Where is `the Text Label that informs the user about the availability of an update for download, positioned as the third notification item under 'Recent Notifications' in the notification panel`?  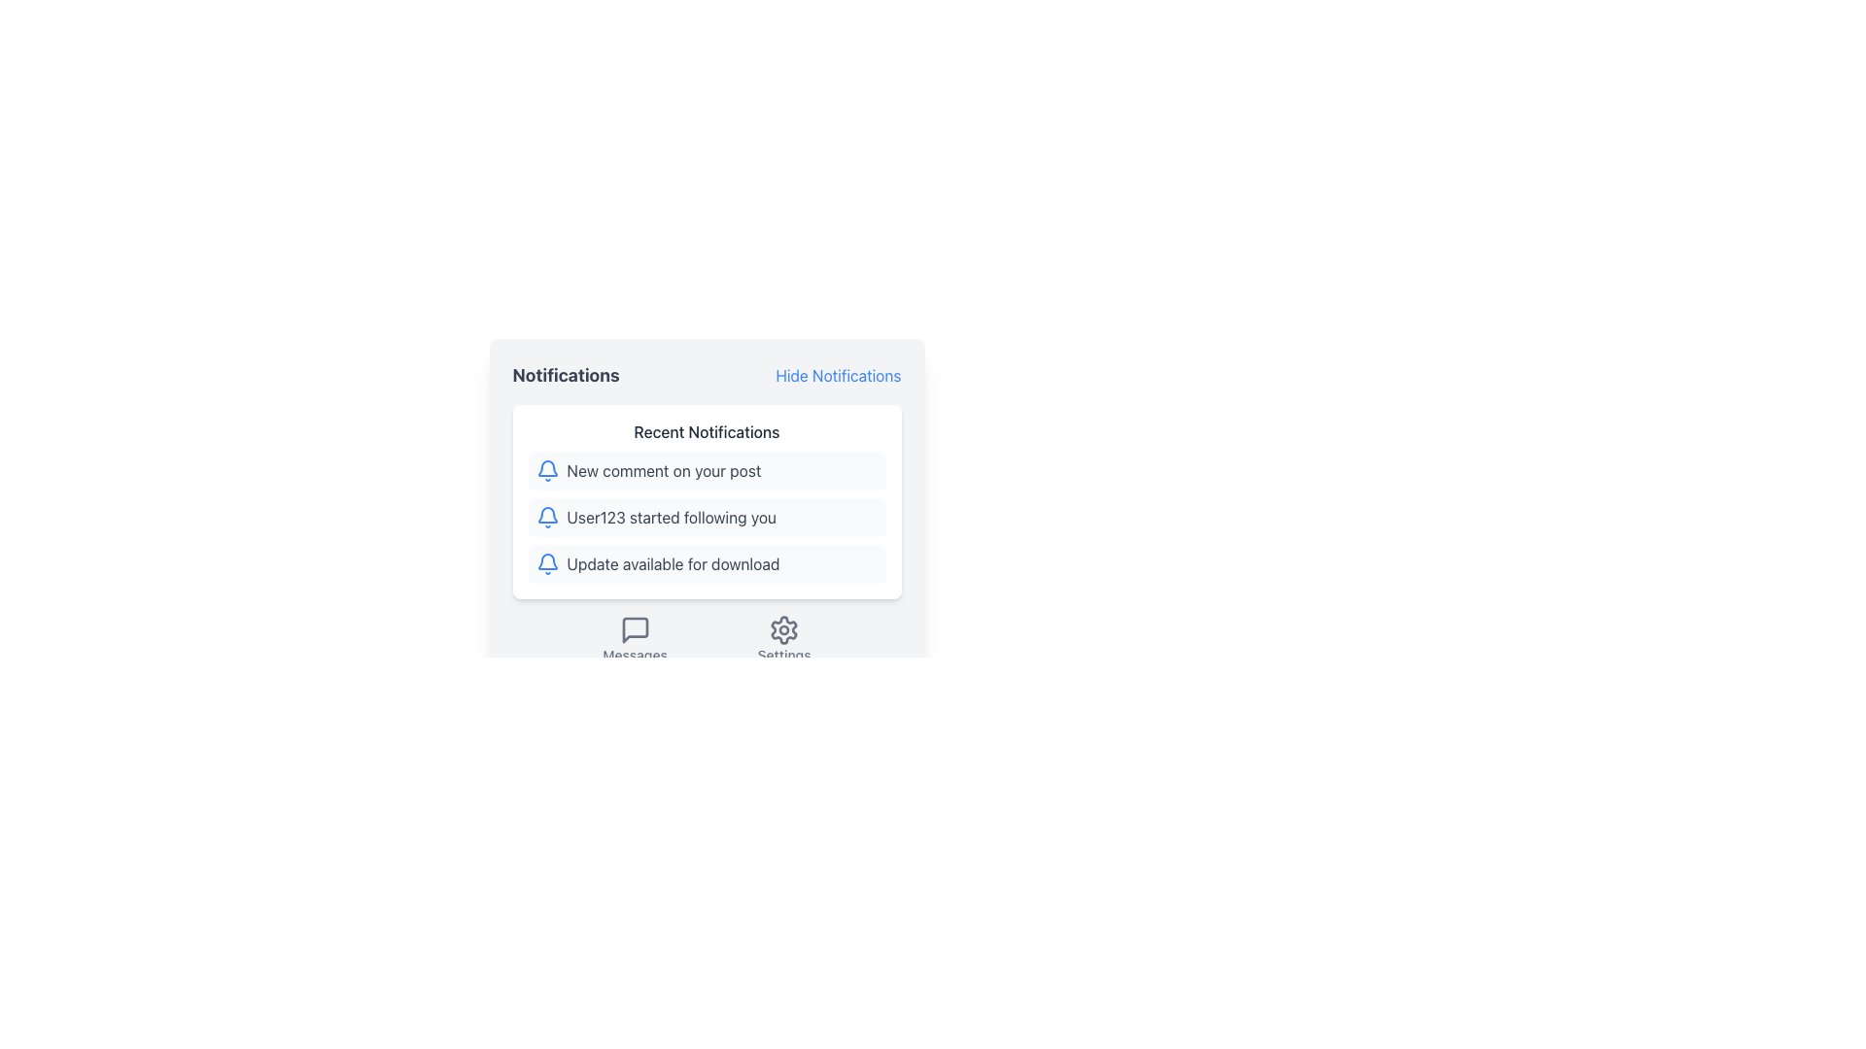
the Text Label that informs the user about the availability of an update for download, positioned as the third notification item under 'Recent Notifications' in the notification panel is located at coordinates (673, 564).